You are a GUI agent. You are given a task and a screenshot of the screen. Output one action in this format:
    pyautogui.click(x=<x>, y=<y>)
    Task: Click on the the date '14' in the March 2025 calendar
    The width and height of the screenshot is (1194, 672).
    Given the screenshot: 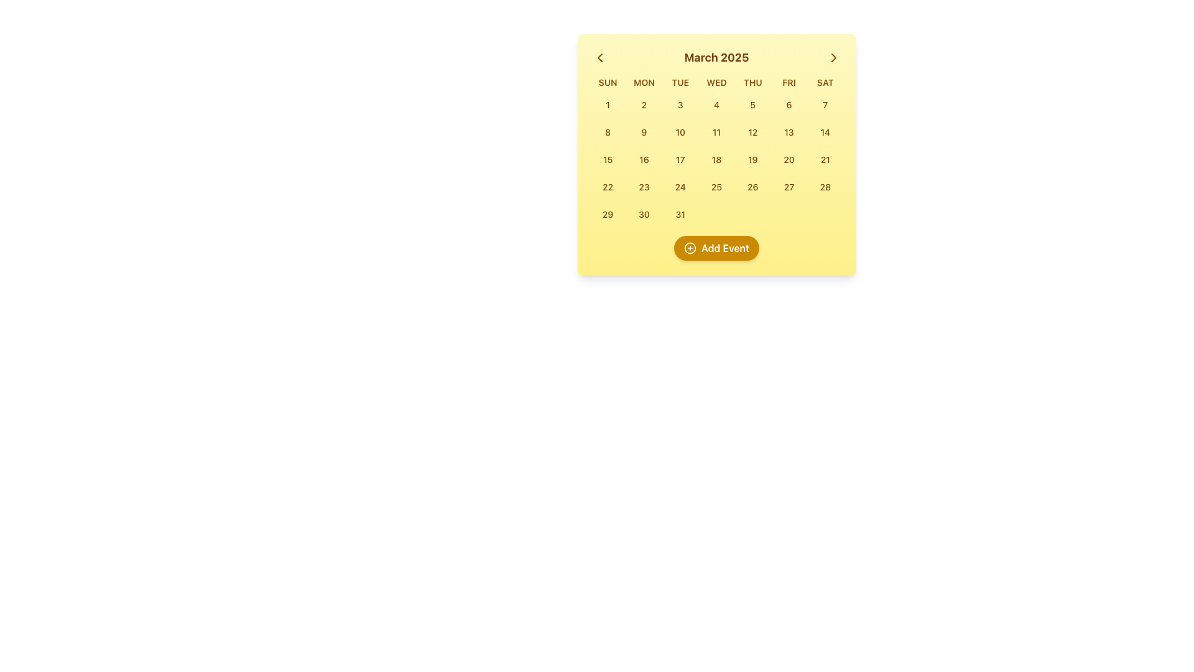 What is the action you would take?
    pyautogui.click(x=825, y=132)
    